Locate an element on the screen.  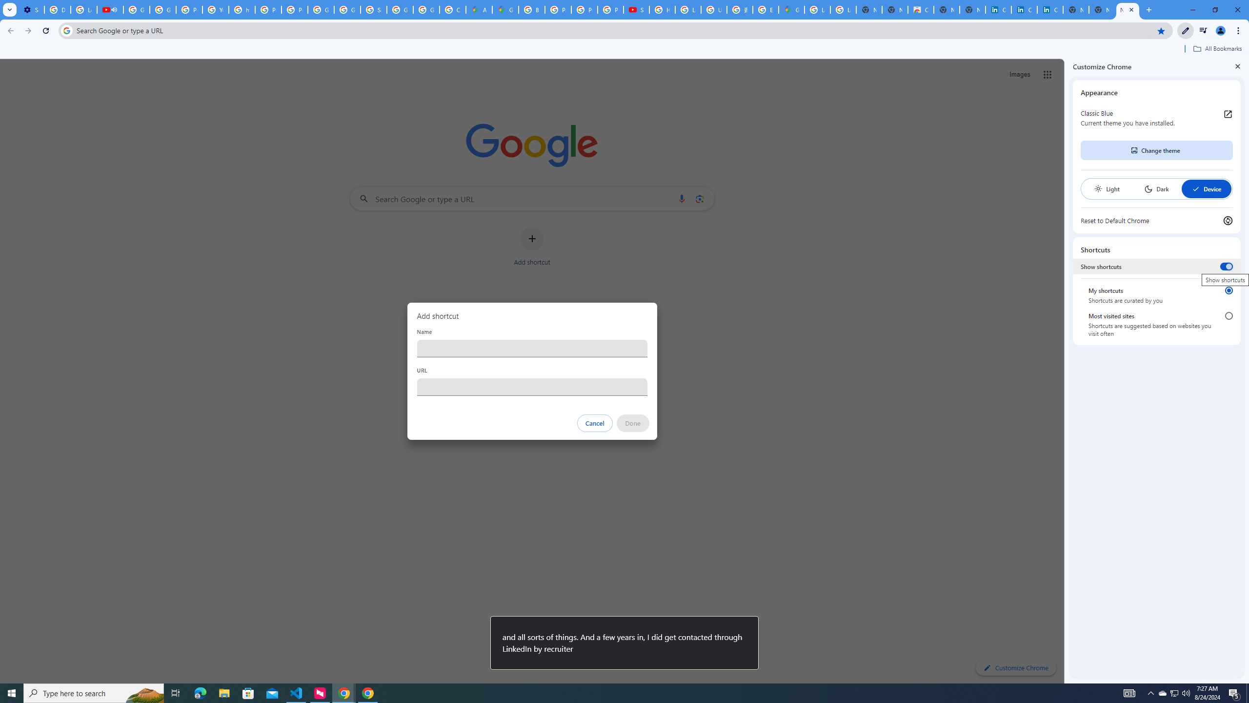
'Cookie Policy | LinkedIn' is located at coordinates (1024, 9).